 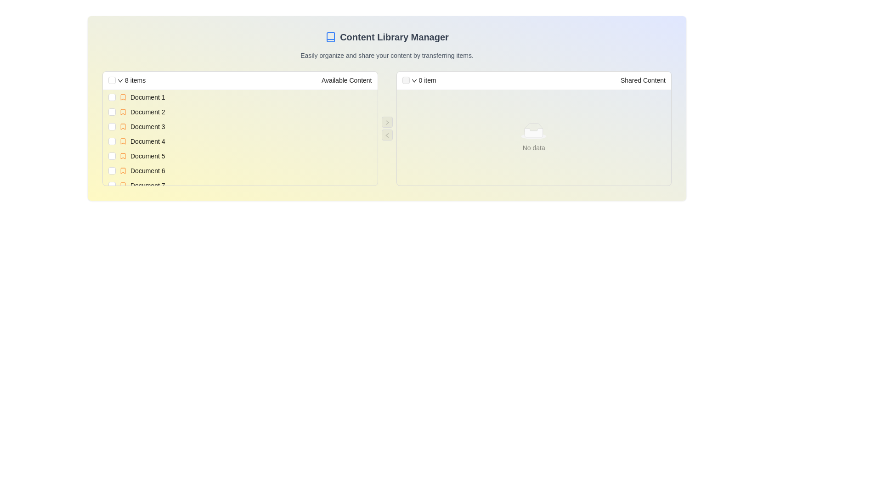 What do you see at coordinates (387, 37) in the screenshot?
I see `the UI Header at the center-top of the visible interface that communicates the title and purpose of the current application view` at bounding box center [387, 37].